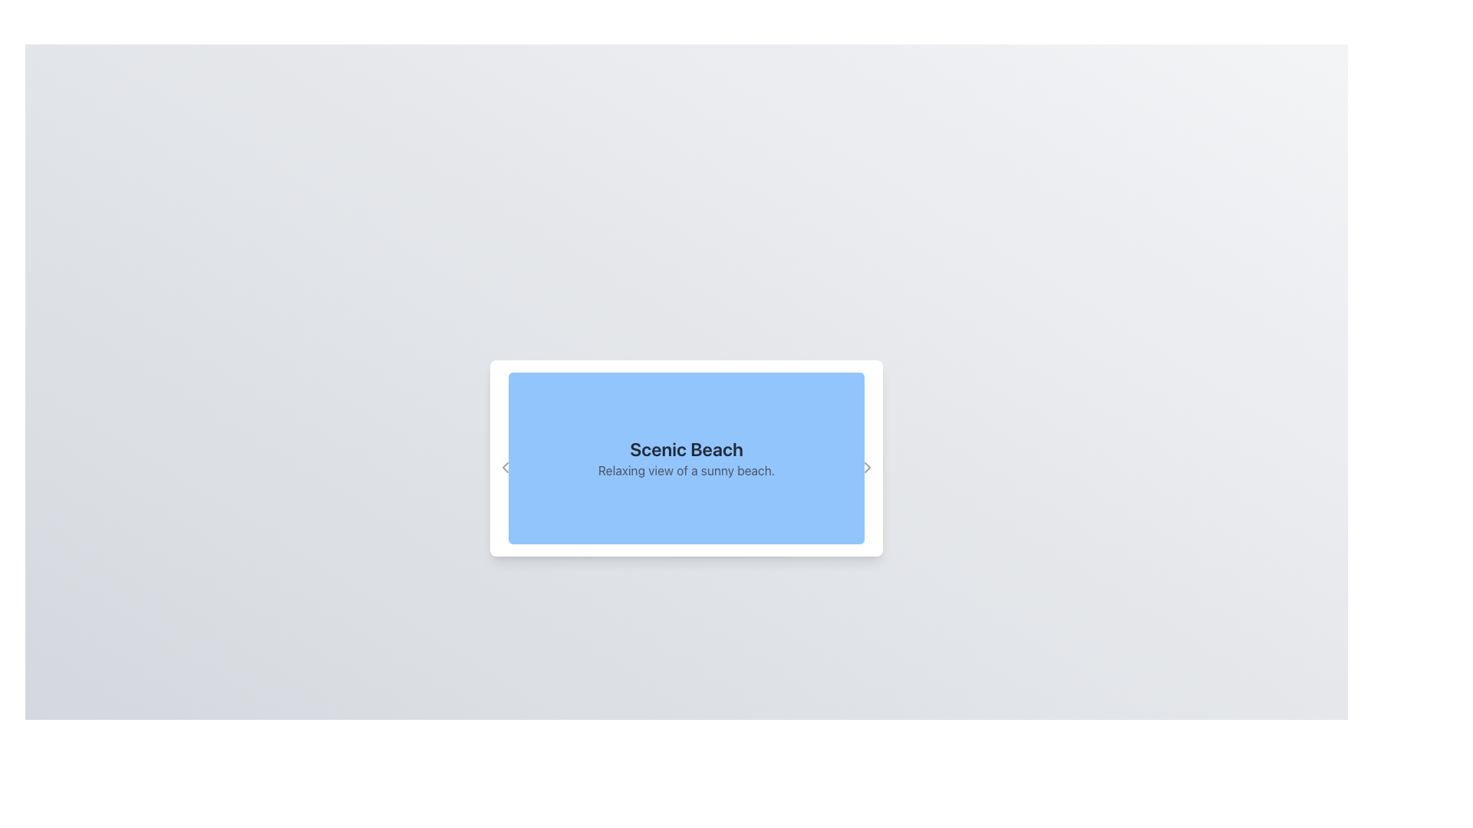 Image resolution: width=1473 pixels, height=828 pixels. What do you see at coordinates (868, 466) in the screenshot?
I see `the forward navigation icon located at the center of the right edge of the 'Scenic Beach' card` at bounding box center [868, 466].